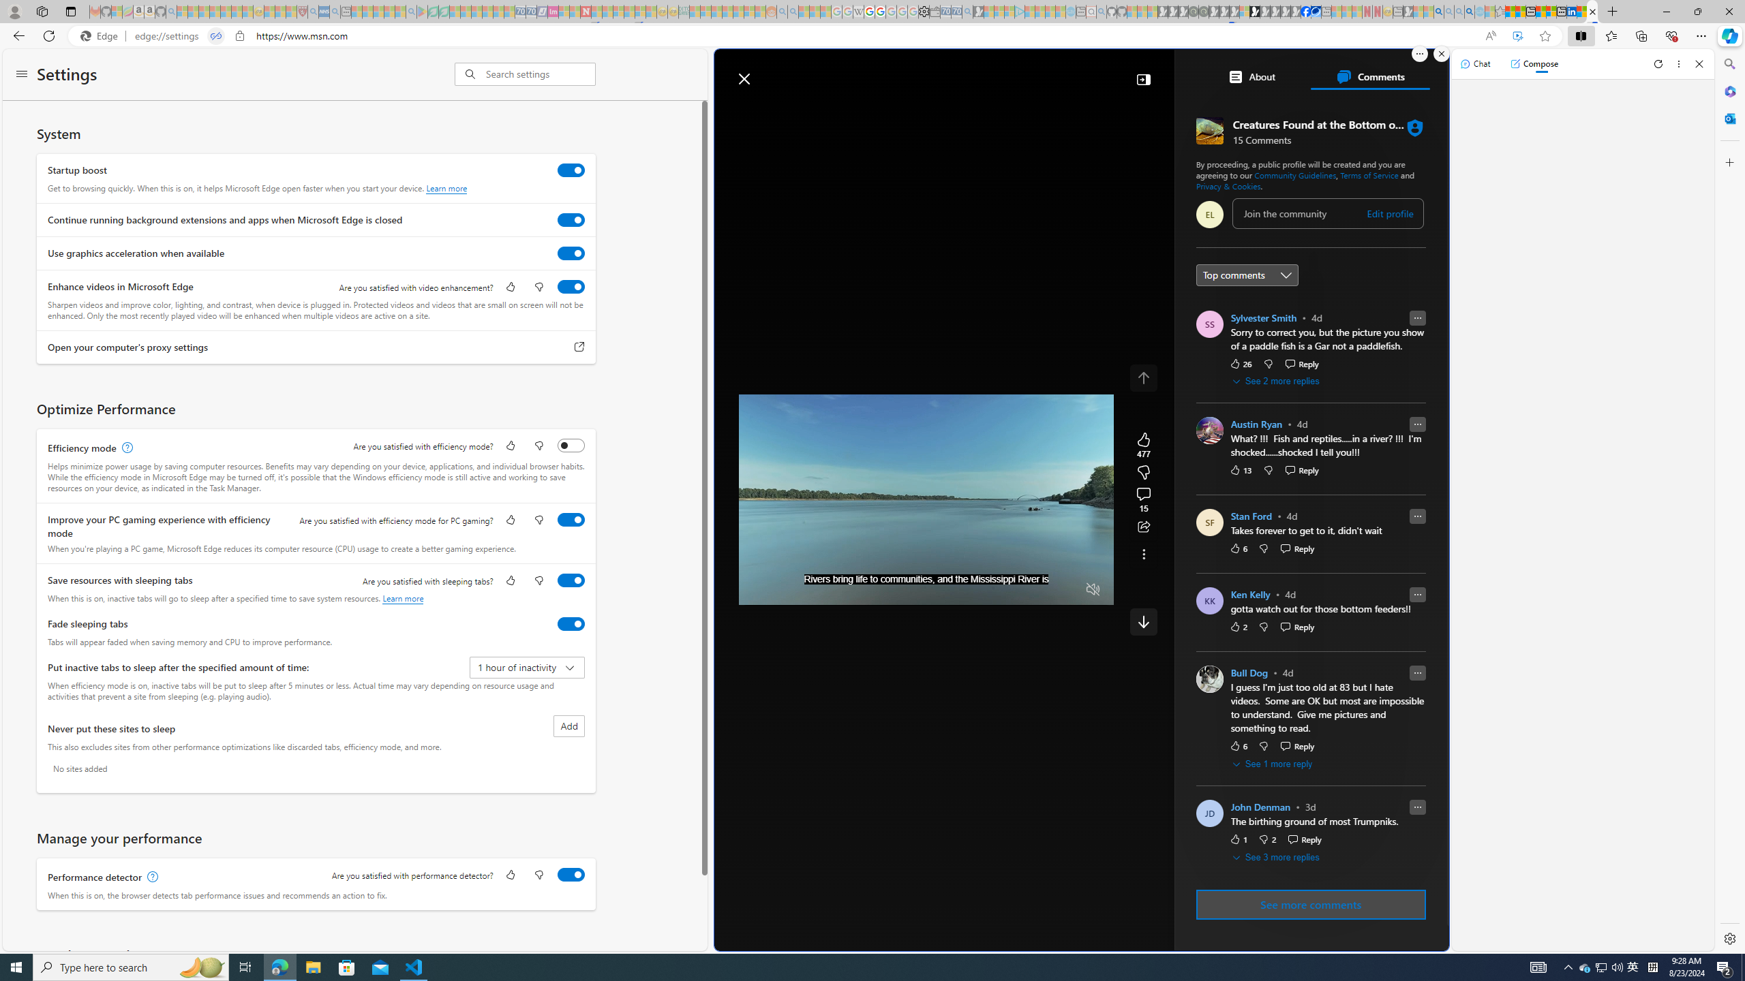 This screenshot has height=981, width=1745. Describe the element at coordinates (571, 253) in the screenshot. I see `'Use graphics acceleration when available'` at that location.